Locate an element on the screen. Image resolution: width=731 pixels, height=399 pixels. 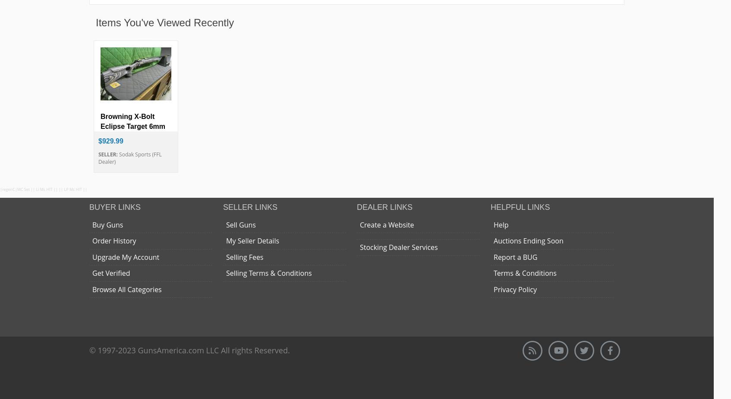
'Auctions Ending Soon' is located at coordinates (493, 240).